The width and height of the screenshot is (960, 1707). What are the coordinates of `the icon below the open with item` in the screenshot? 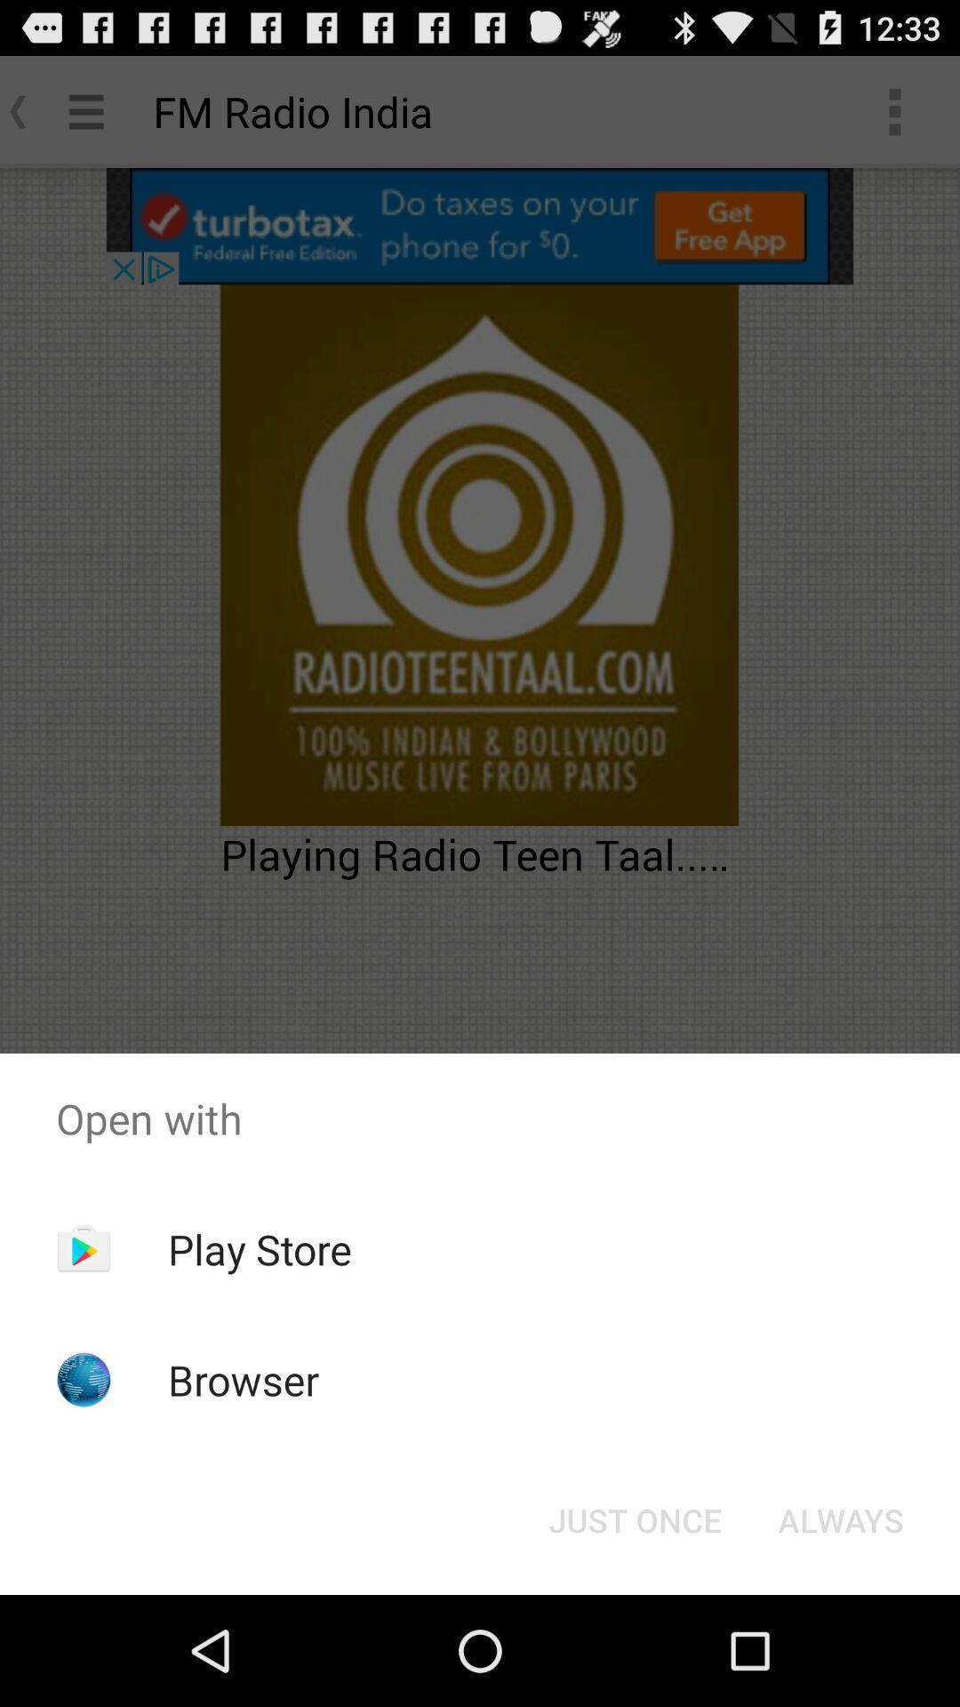 It's located at (260, 1248).